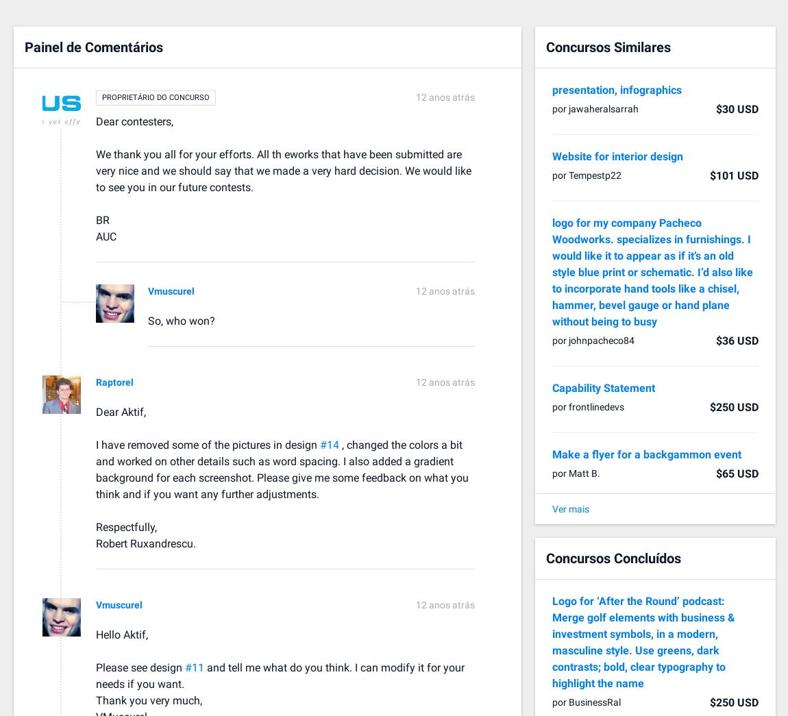 This screenshot has height=716, width=788. What do you see at coordinates (586, 173) in the screenshot?
I see `'por Tempestp22'` at bounding box center [586, 173].